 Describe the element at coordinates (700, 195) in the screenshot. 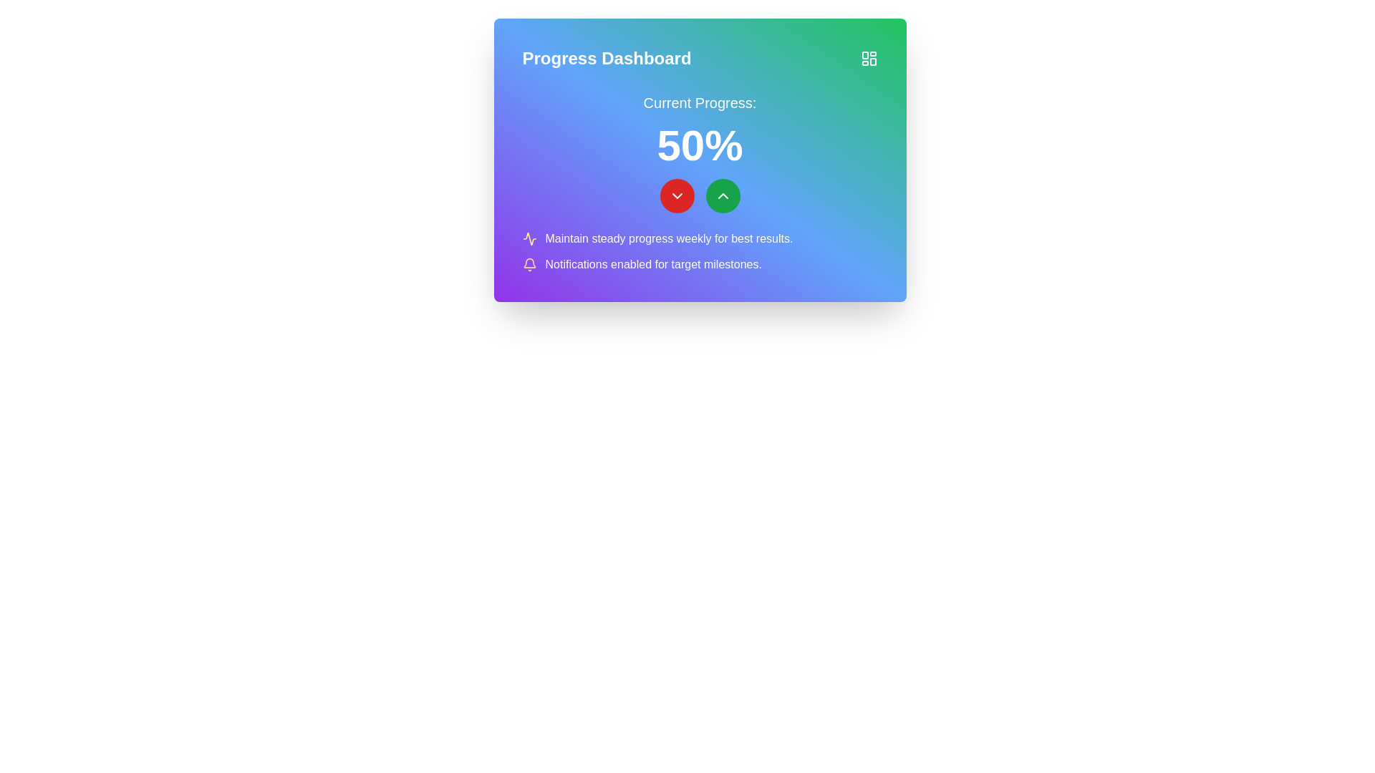

I see `the green button in the button group below the '50%' text in the 'Current Progress' section` at that location.